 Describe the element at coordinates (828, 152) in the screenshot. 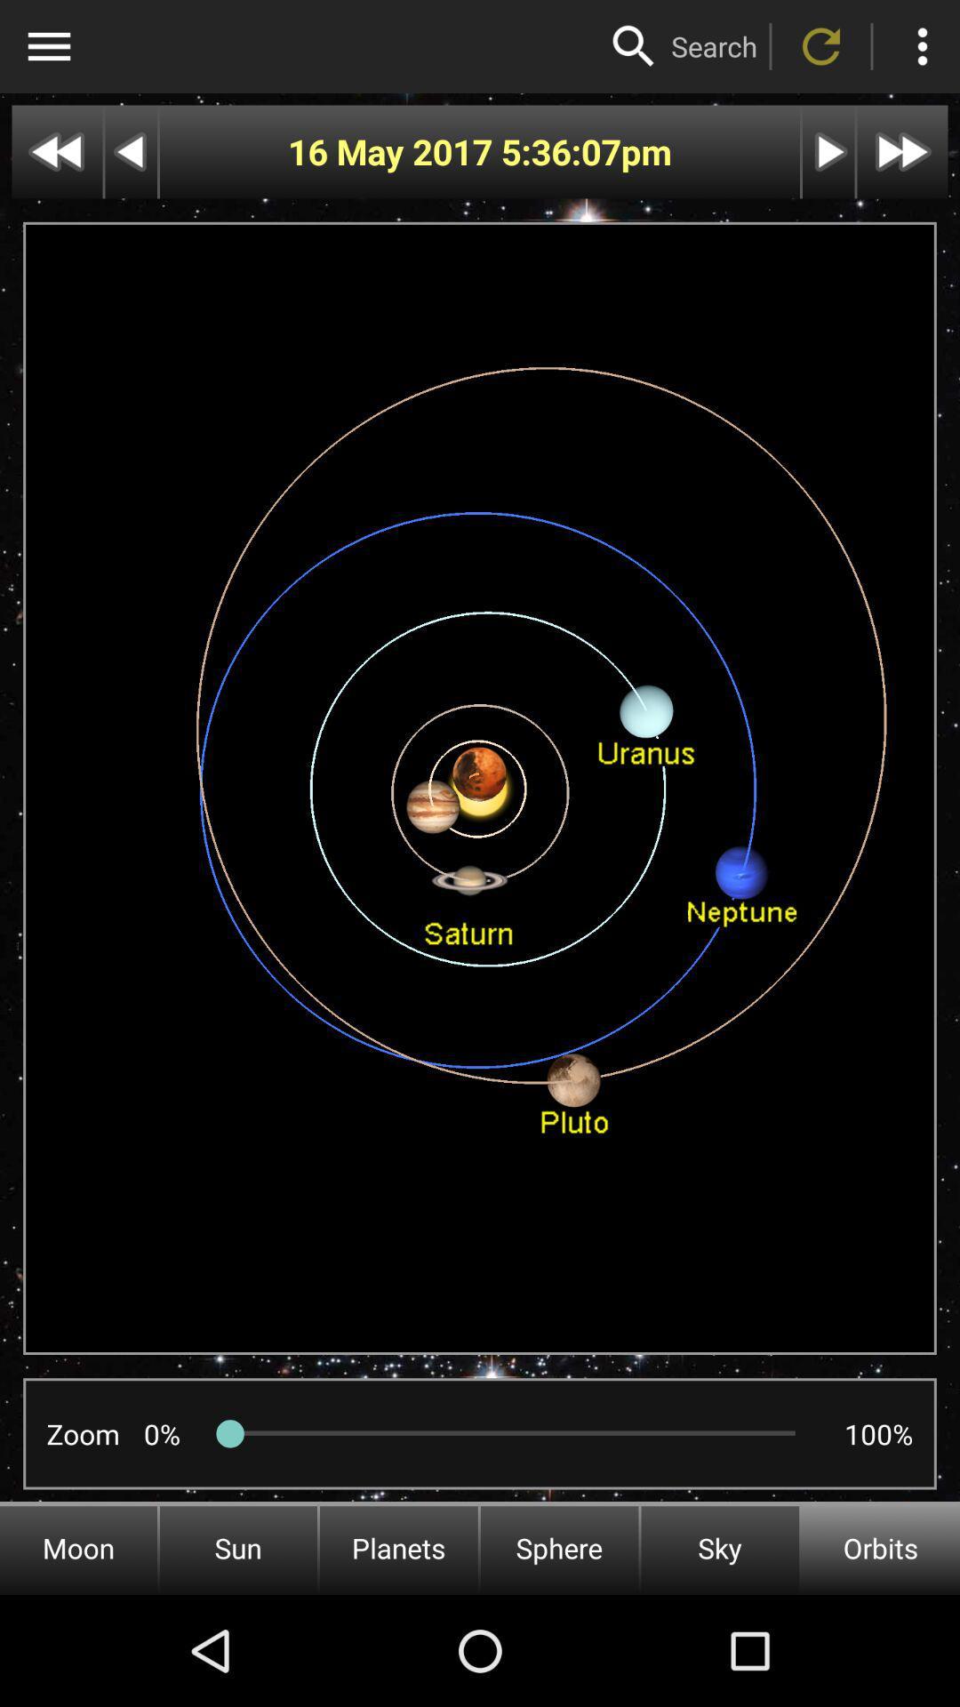

I see `play` at that location.